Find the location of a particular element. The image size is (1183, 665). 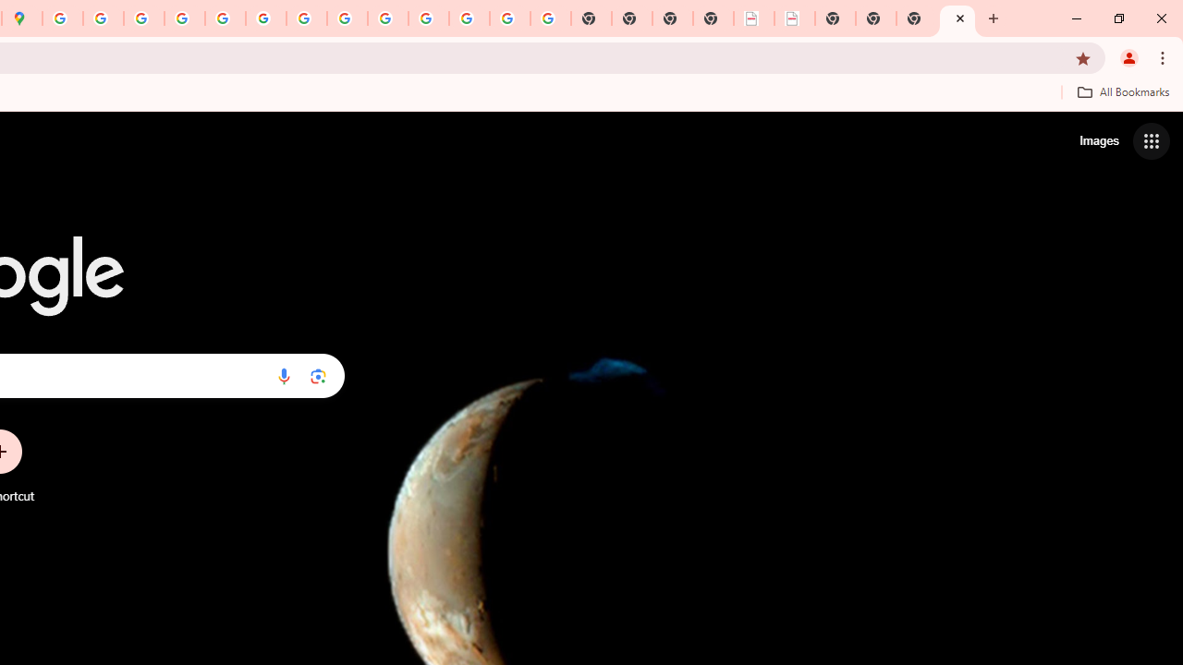

'New Tab' is located at coordinates (957, 18).